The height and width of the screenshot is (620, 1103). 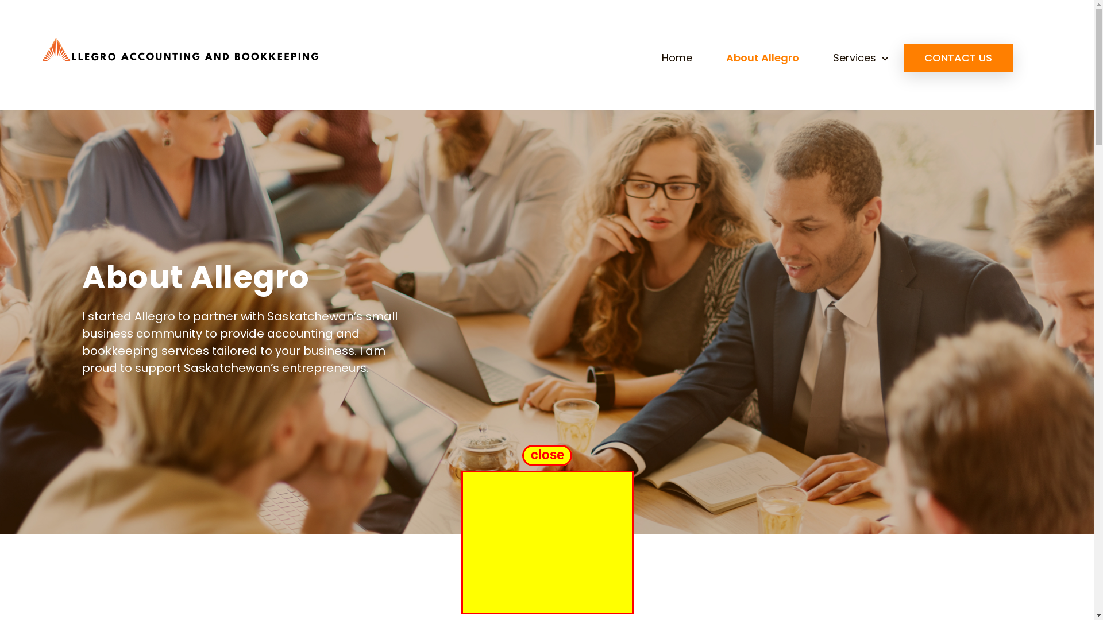 What do you see at coordinates (860, 57) in the screenshot?
I see `'Services'` at bounding box center [860, 57].